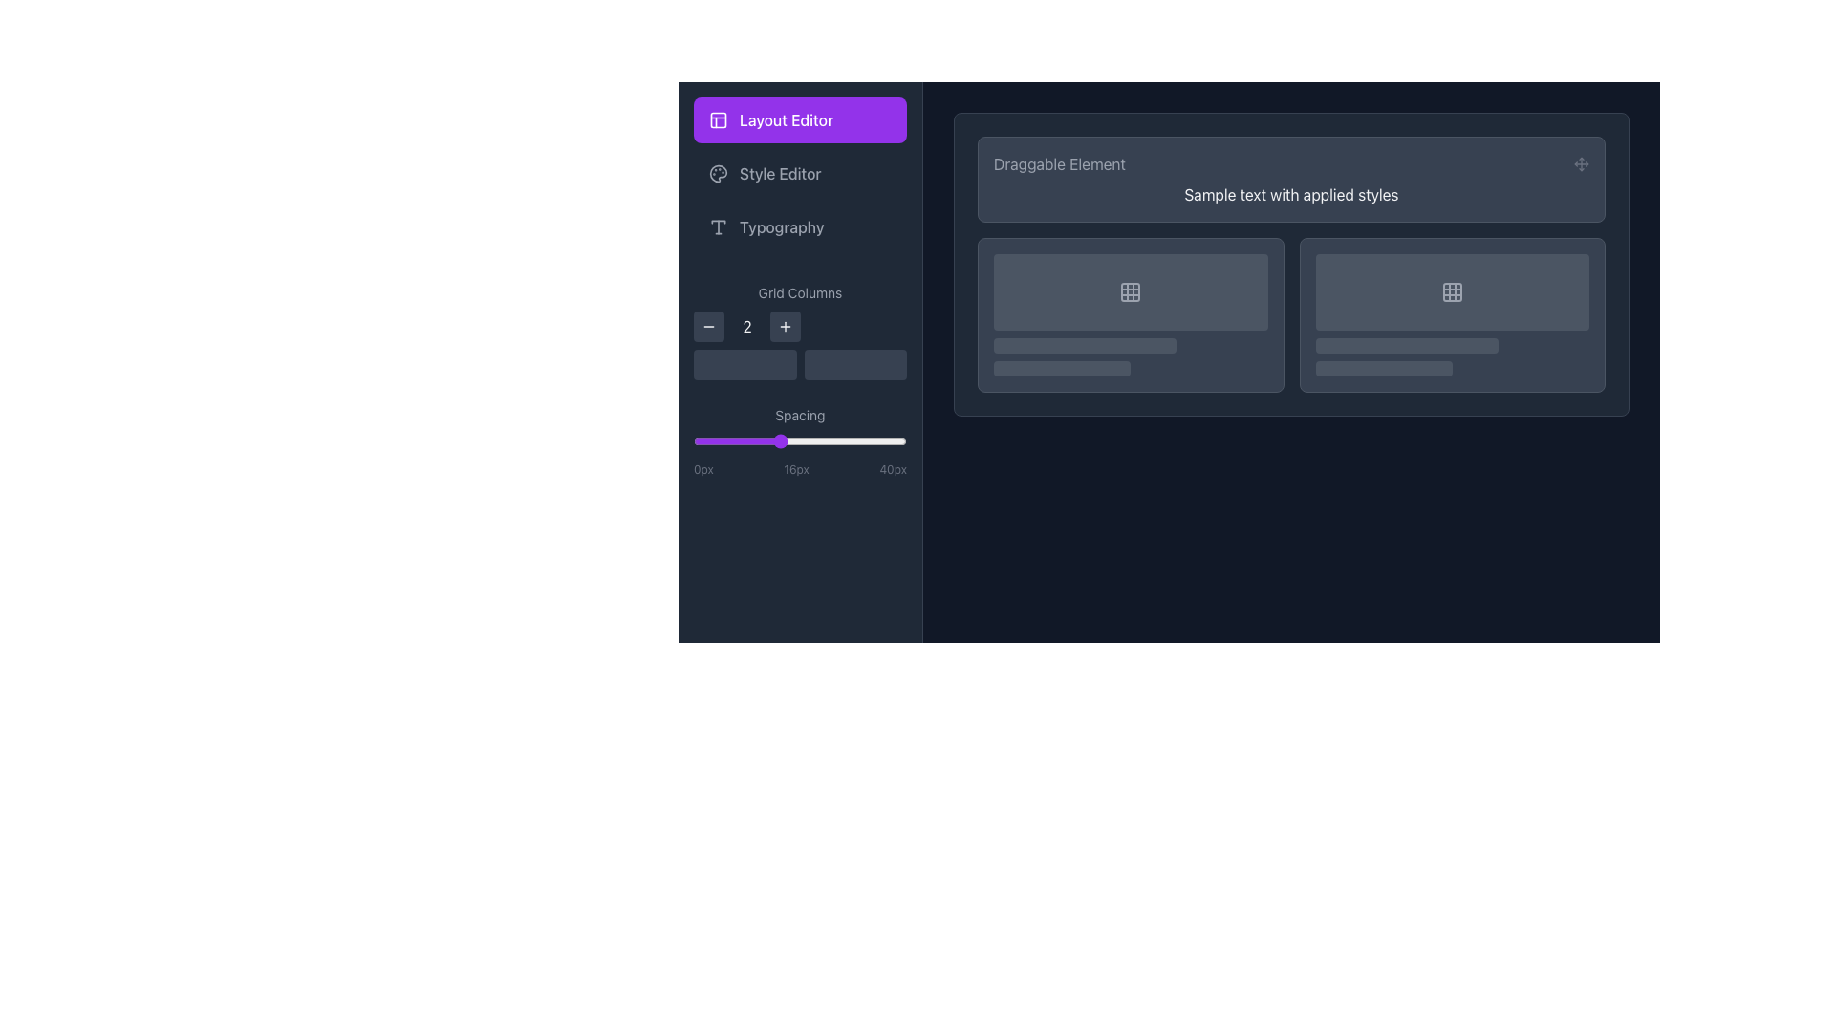  What do you see at coordinates (718, 173) in the screenshot?
I see `the small circular icon resembling a painter's palette located in the left-side navigation panel` at bounding box center [718, 173].